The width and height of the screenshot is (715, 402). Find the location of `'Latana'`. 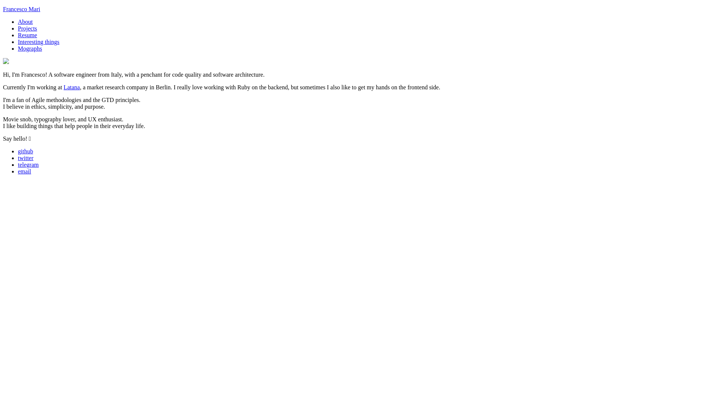

'Latana' is located at coordinates (71, 87).